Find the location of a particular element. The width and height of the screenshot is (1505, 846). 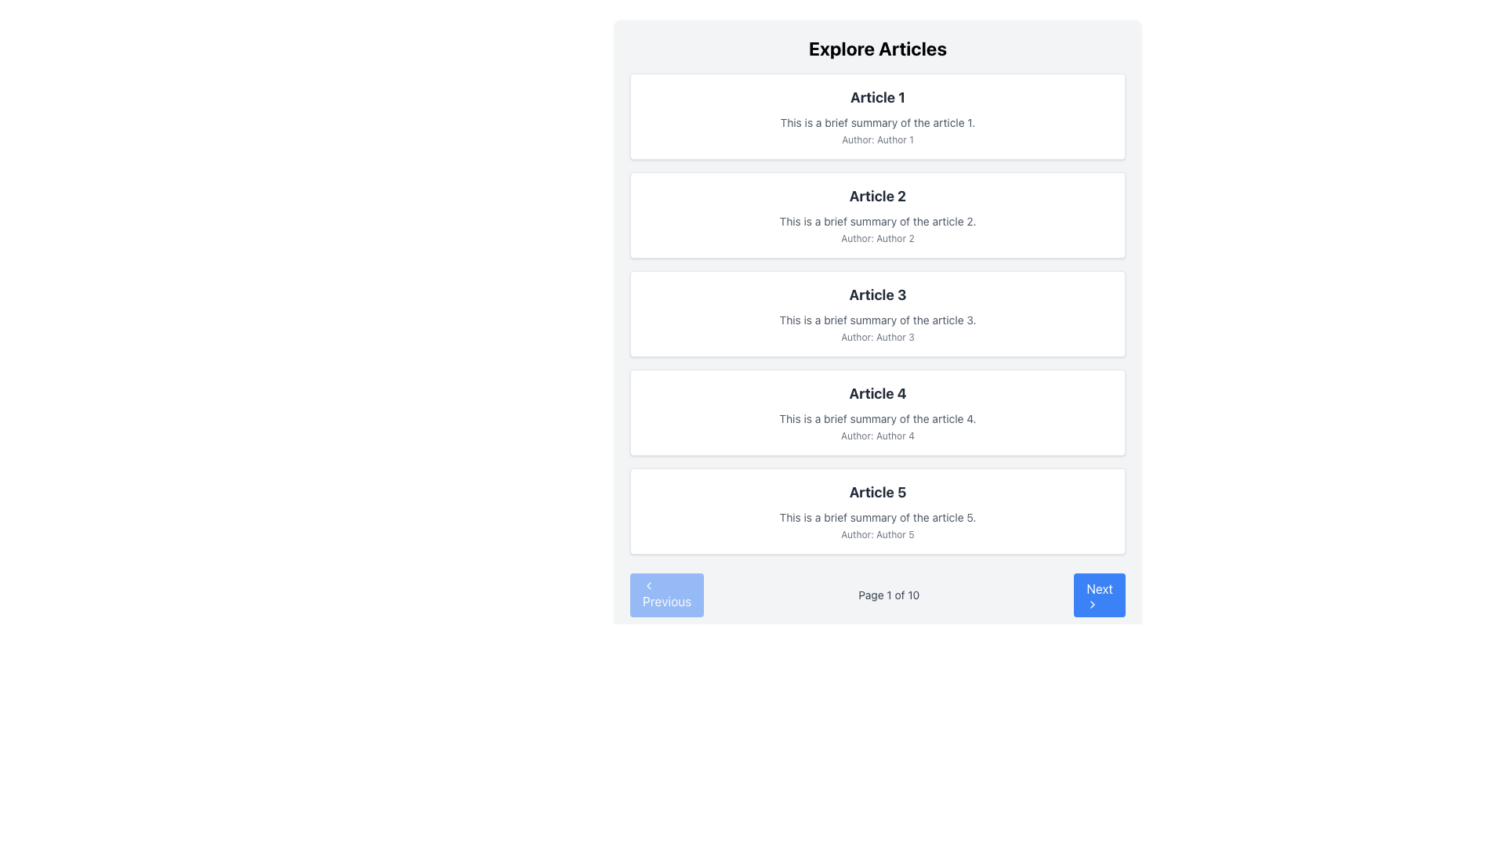

the Informational card titled 'Article 4', which is the fourth card in a vertical list, featuring a white background, a bold title, a summary, and an author indication is located at coordinates (876, 412).